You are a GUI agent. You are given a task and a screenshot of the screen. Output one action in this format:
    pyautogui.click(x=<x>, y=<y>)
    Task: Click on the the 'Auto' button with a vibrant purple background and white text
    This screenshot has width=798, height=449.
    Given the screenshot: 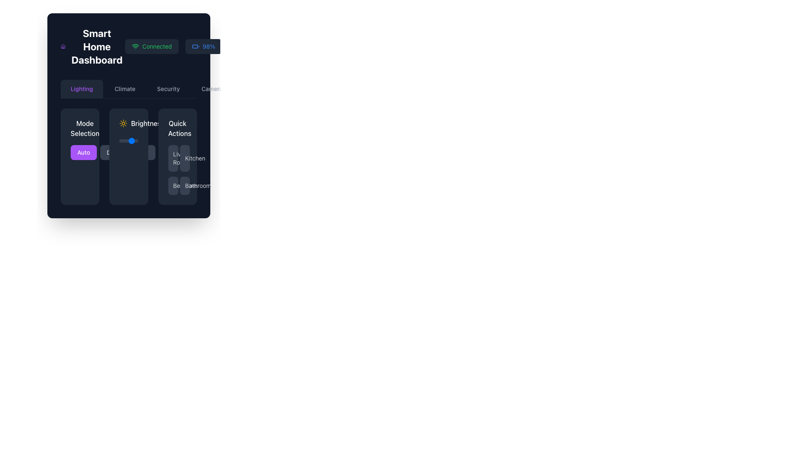 What is the action you would take?
    pyautogui.click(x=80, y=152)
    